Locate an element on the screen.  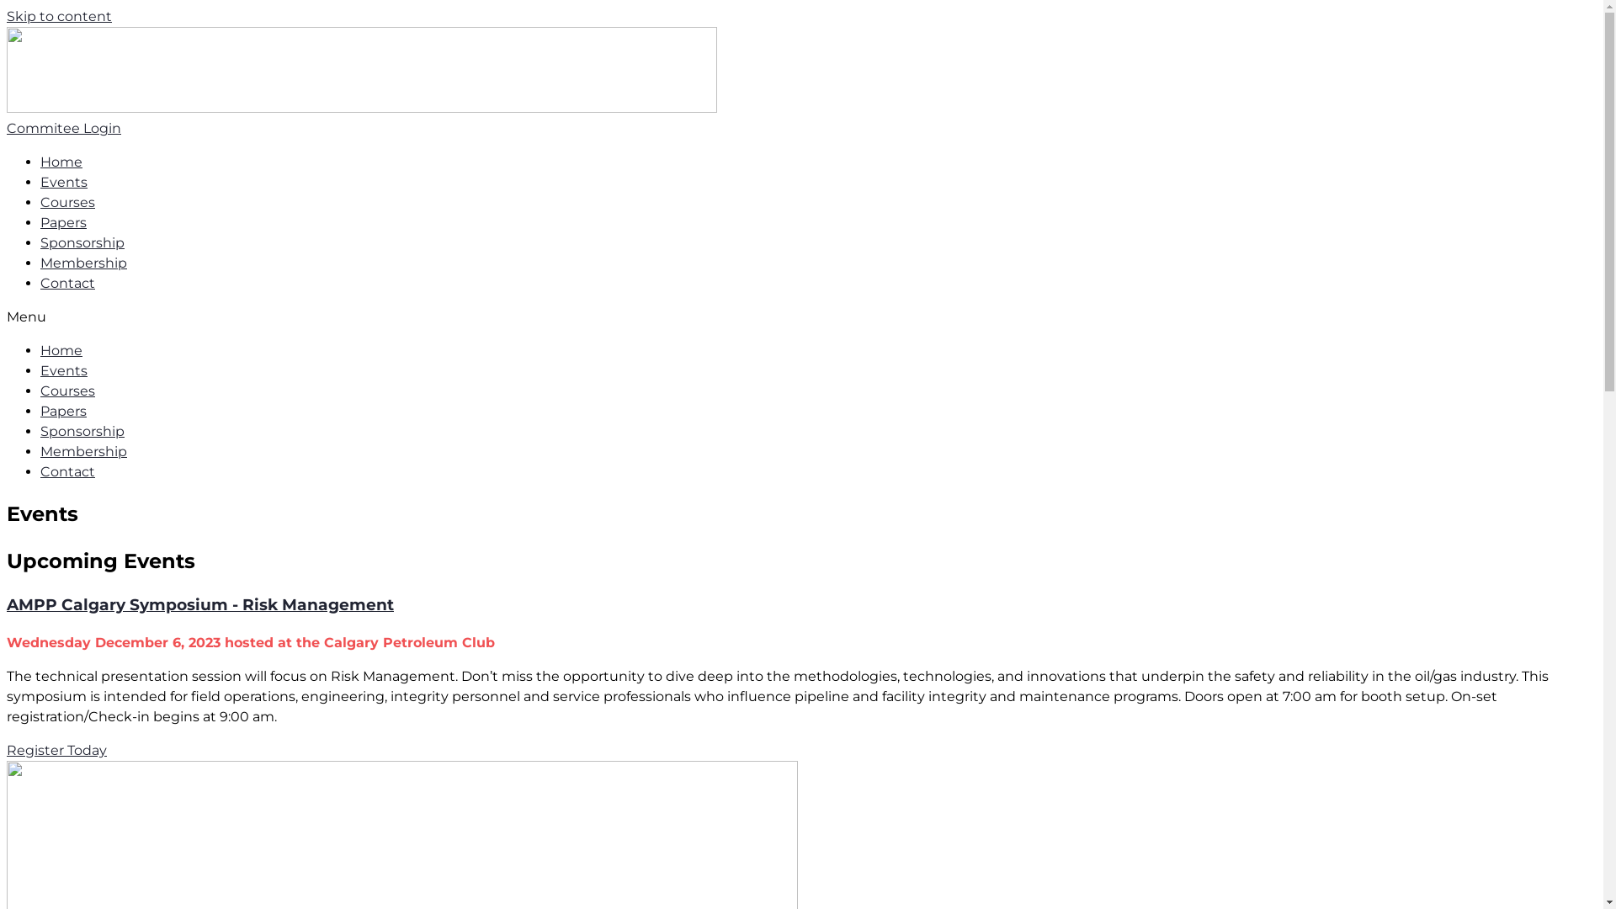
'Membership' is located at coordinates (82, 450).